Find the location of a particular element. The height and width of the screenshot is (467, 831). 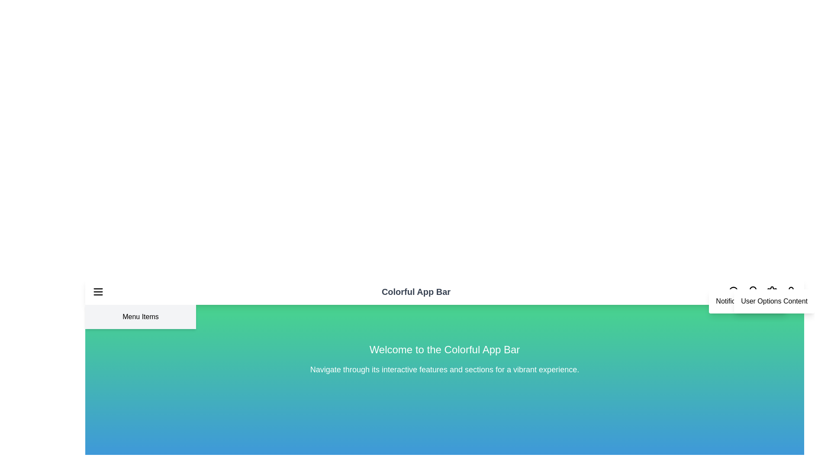

the bell icon to toggle the visibility of the notifications is located at coordinates (752, 292).